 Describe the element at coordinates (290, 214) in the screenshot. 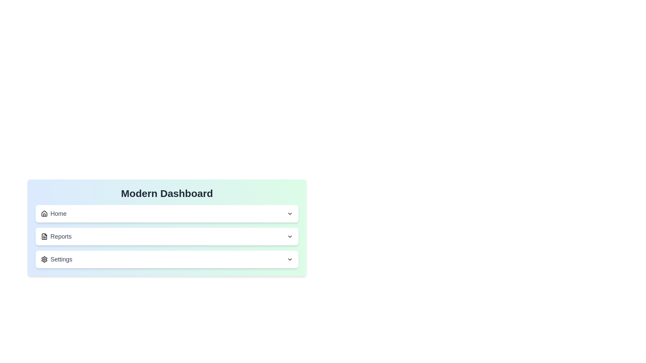

I see `the small, downward-pointing chevron icon located beside the text 'Home'` at that location.